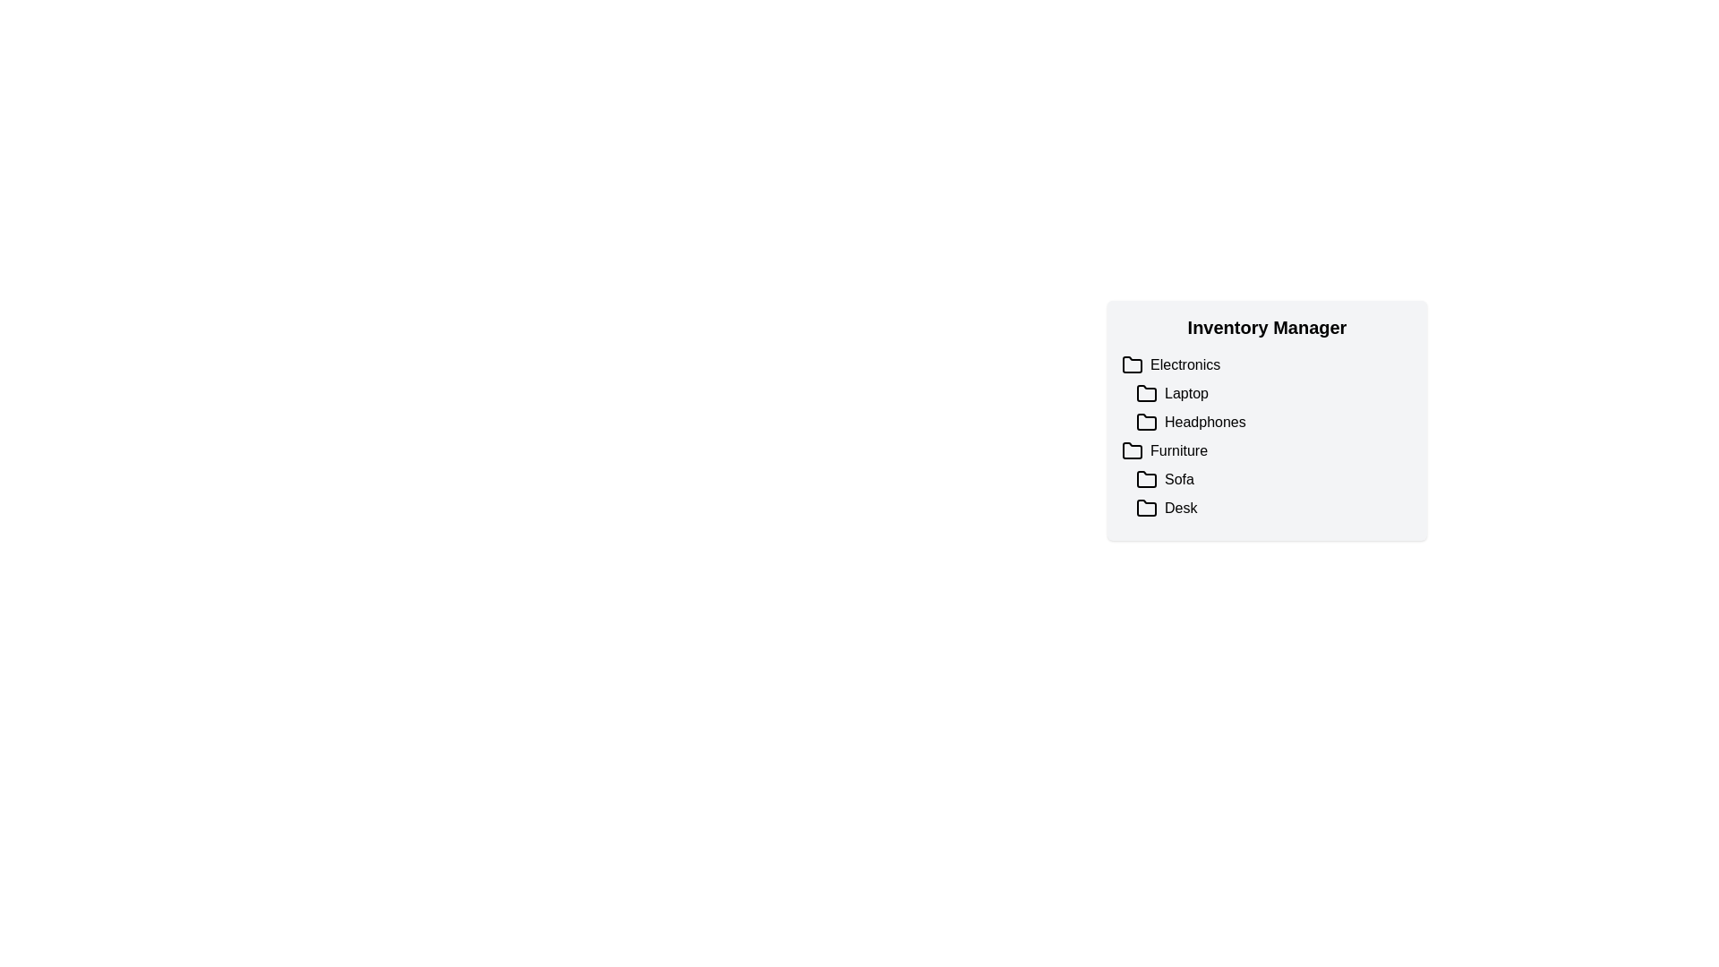 The image size is (1719, 967). What do you see at coordinates (1273, 508) in the screenshot?
I see `the folder item labeled 'Desk' in the Furniture category` at bounding box center [1273, 508].